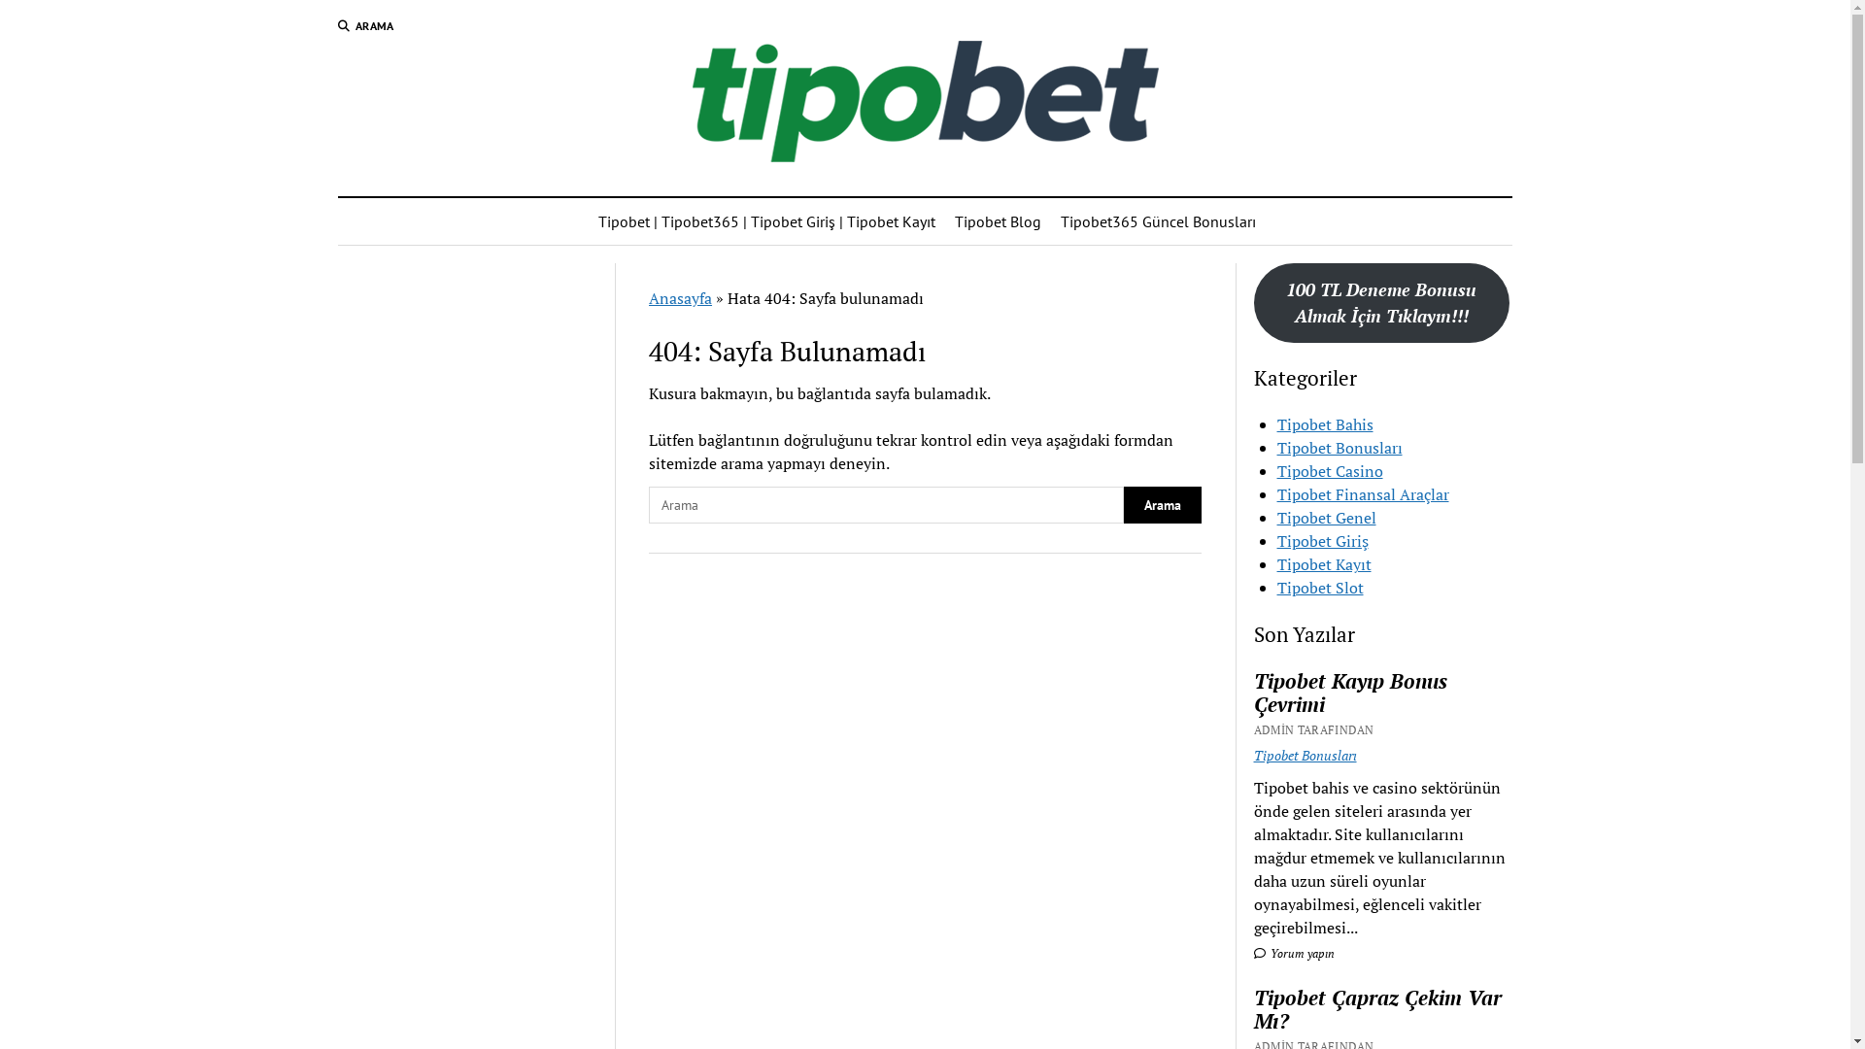 The height and width of the screenshot is (1049, 1865). I want to click on 'Arama', so click(1162, 504).